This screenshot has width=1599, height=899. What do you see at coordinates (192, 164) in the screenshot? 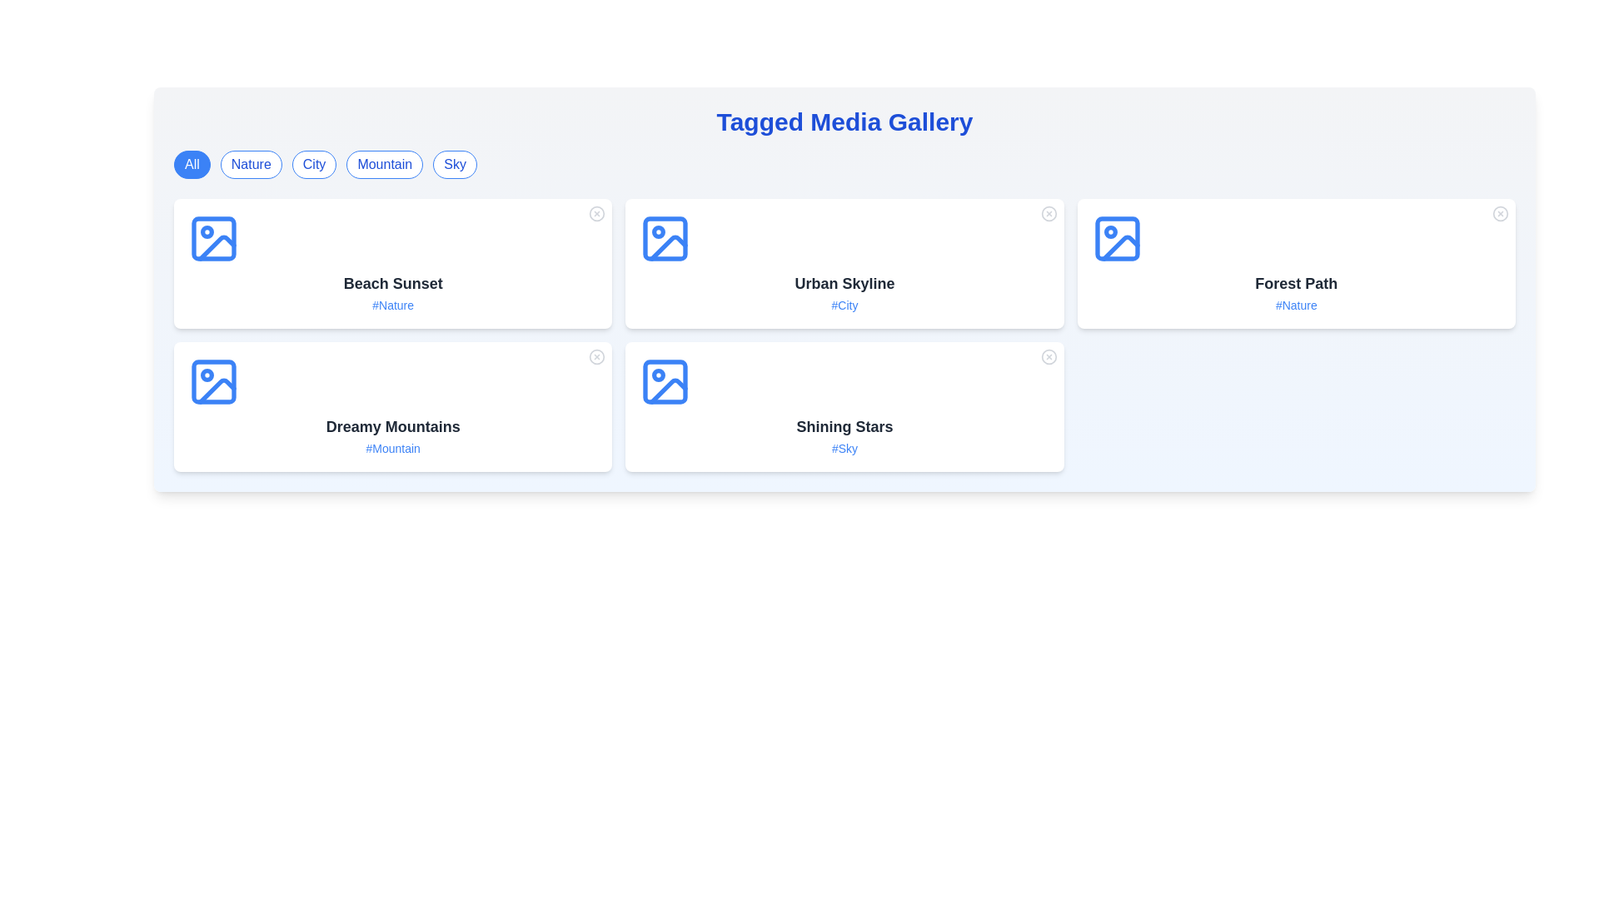
I see `the tag button labeled All to filter the gallery items` at bounding box center [192, 164].